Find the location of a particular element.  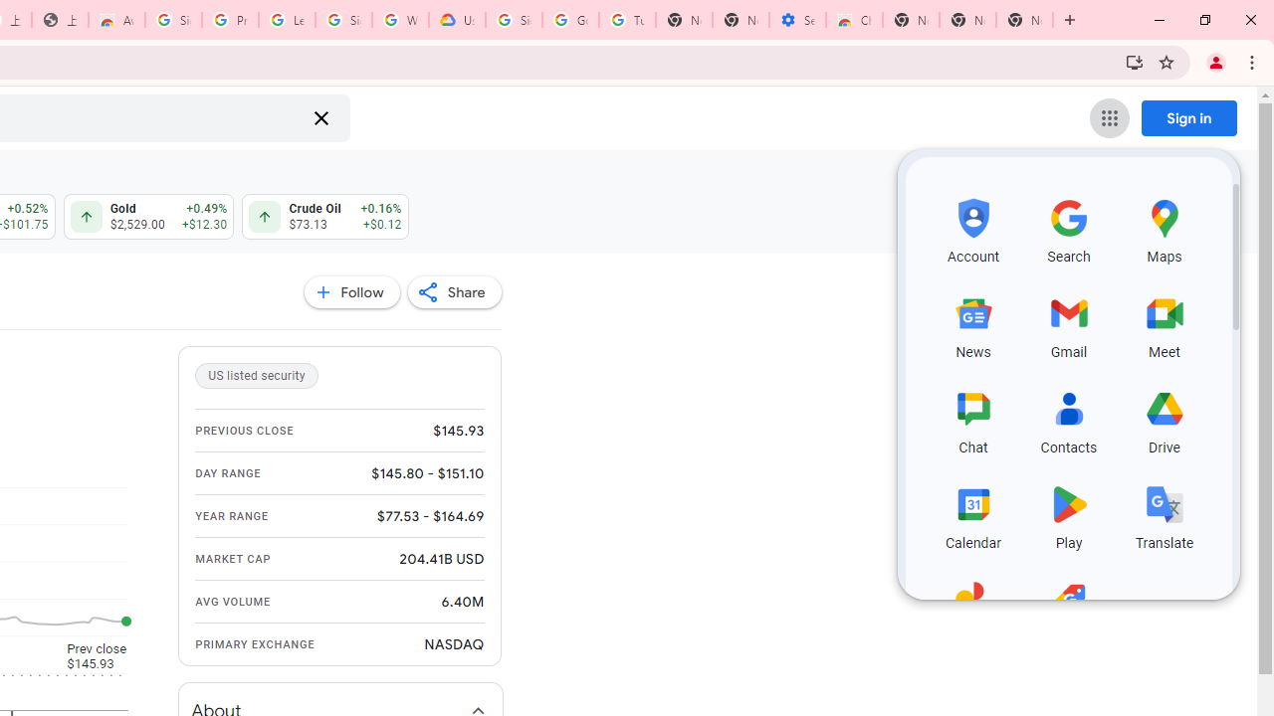

'Chrome Web Store - Accessibility extensions' is located at coordinates (854, 20).